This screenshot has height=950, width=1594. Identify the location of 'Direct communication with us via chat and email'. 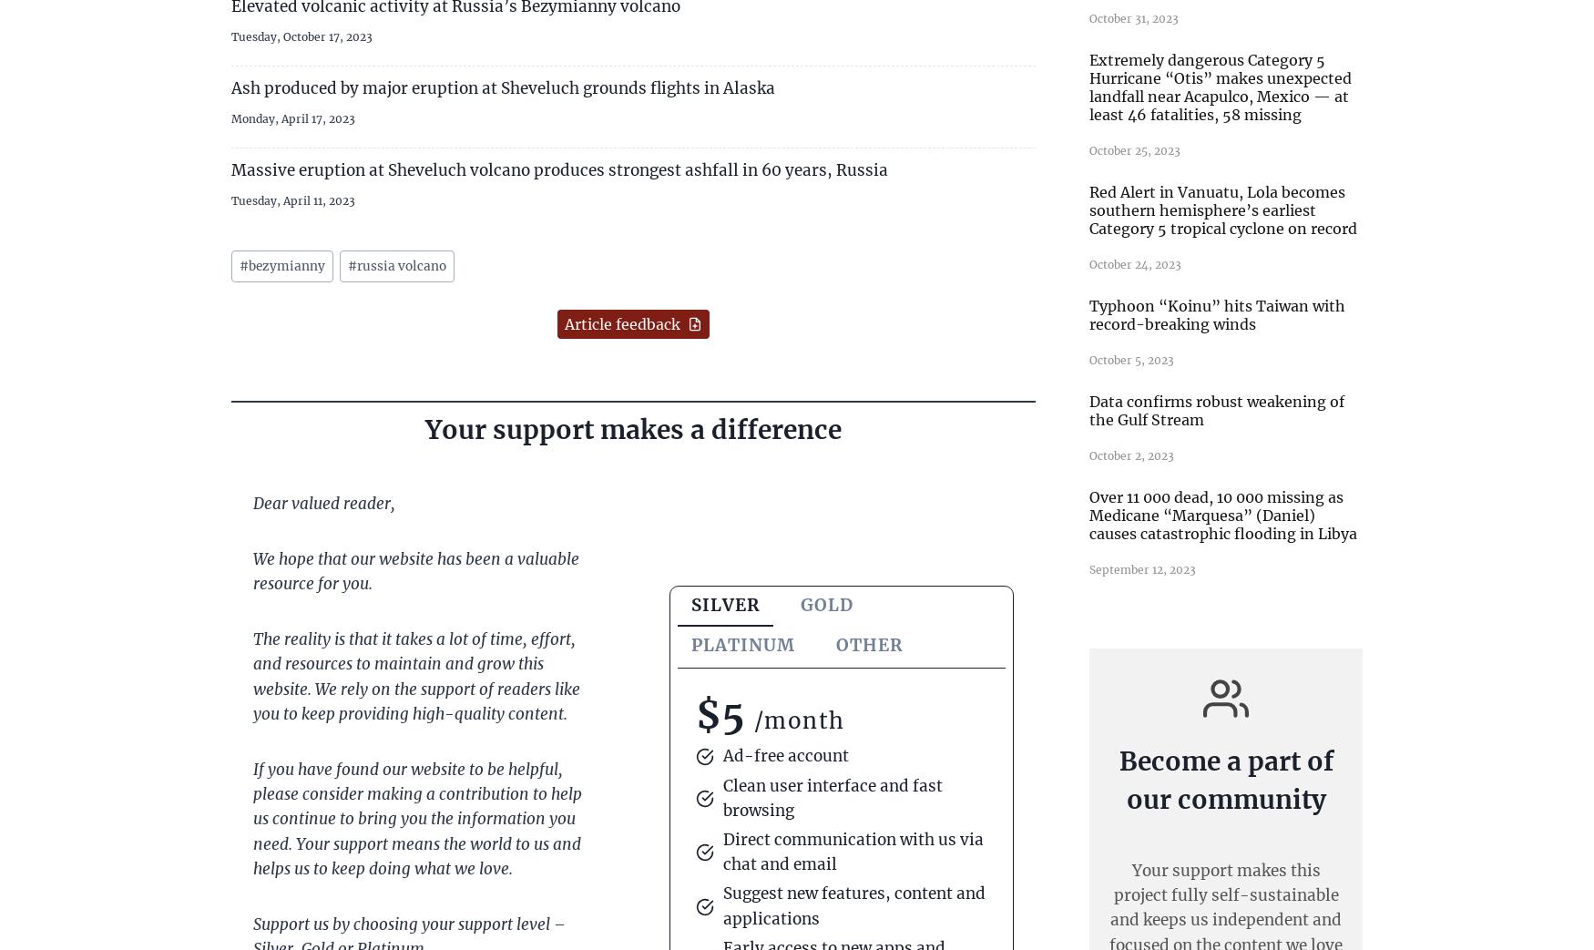
(720, 851).